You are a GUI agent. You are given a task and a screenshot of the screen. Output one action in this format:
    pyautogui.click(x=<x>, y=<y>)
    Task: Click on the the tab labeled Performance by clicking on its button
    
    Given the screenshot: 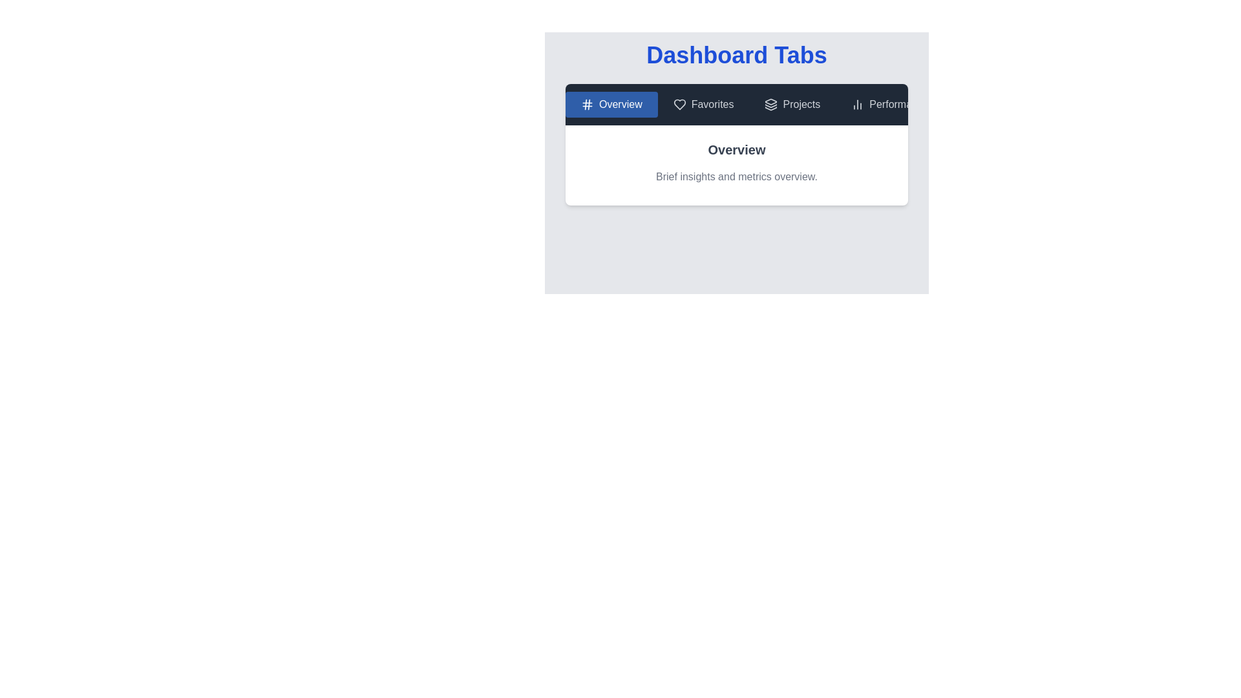 What is the action you would take?
    pyautogui.click(x=889, y=104)
    